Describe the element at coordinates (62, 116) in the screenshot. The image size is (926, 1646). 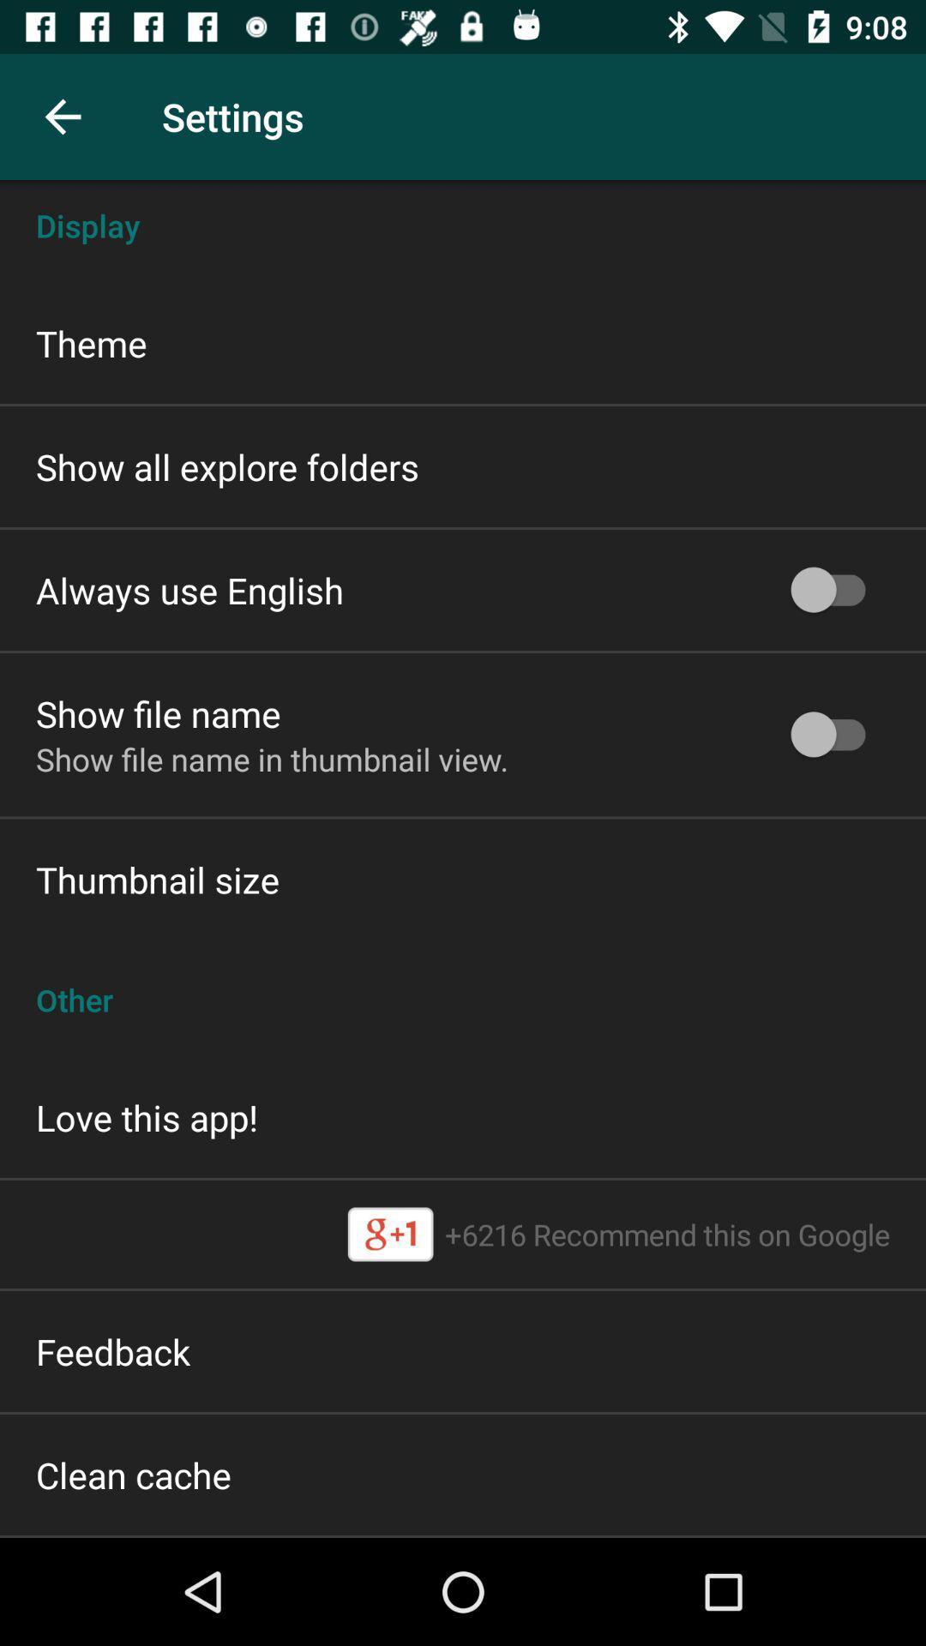
I see `item to the left of settings` at that location.